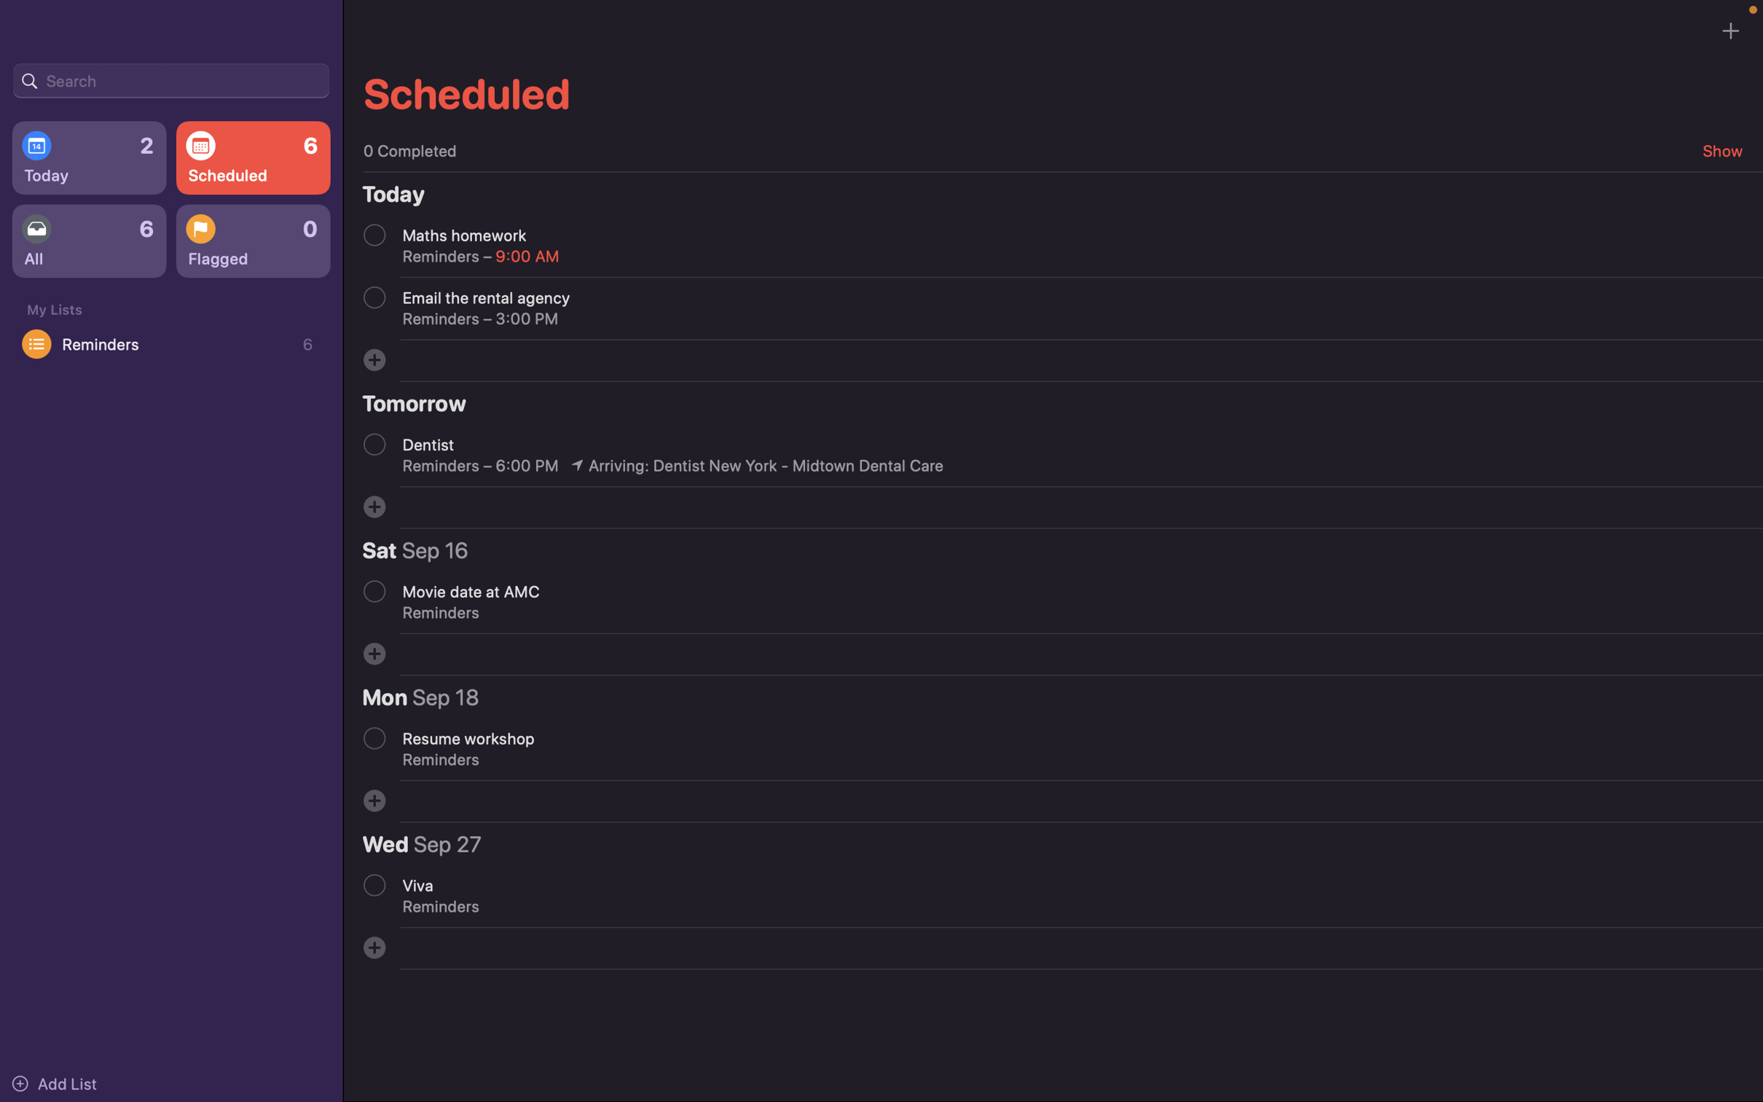 The image size is (1763, 1102). What do you see at coordinates (170, 79) in the screenshot?
I see `Query for the event named "Josh birthday` at bounding box center [170, 79].